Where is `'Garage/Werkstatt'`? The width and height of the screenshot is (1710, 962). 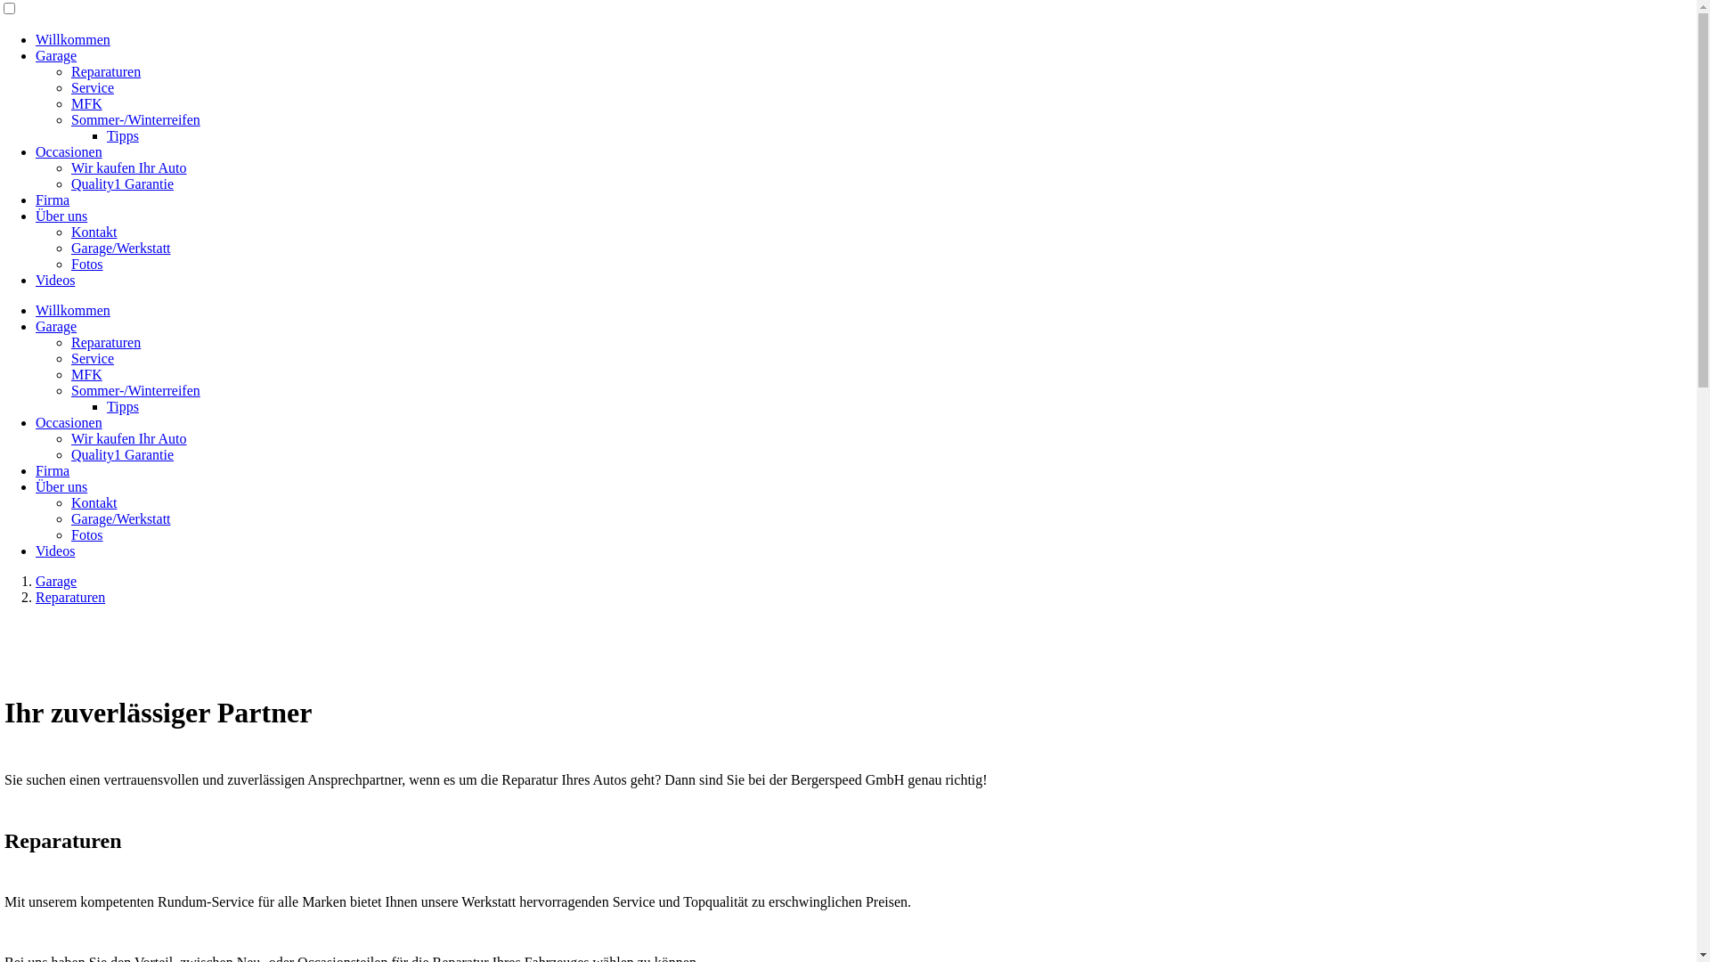 'Garage/Werkstatt' is located at coordinates (119, 518).